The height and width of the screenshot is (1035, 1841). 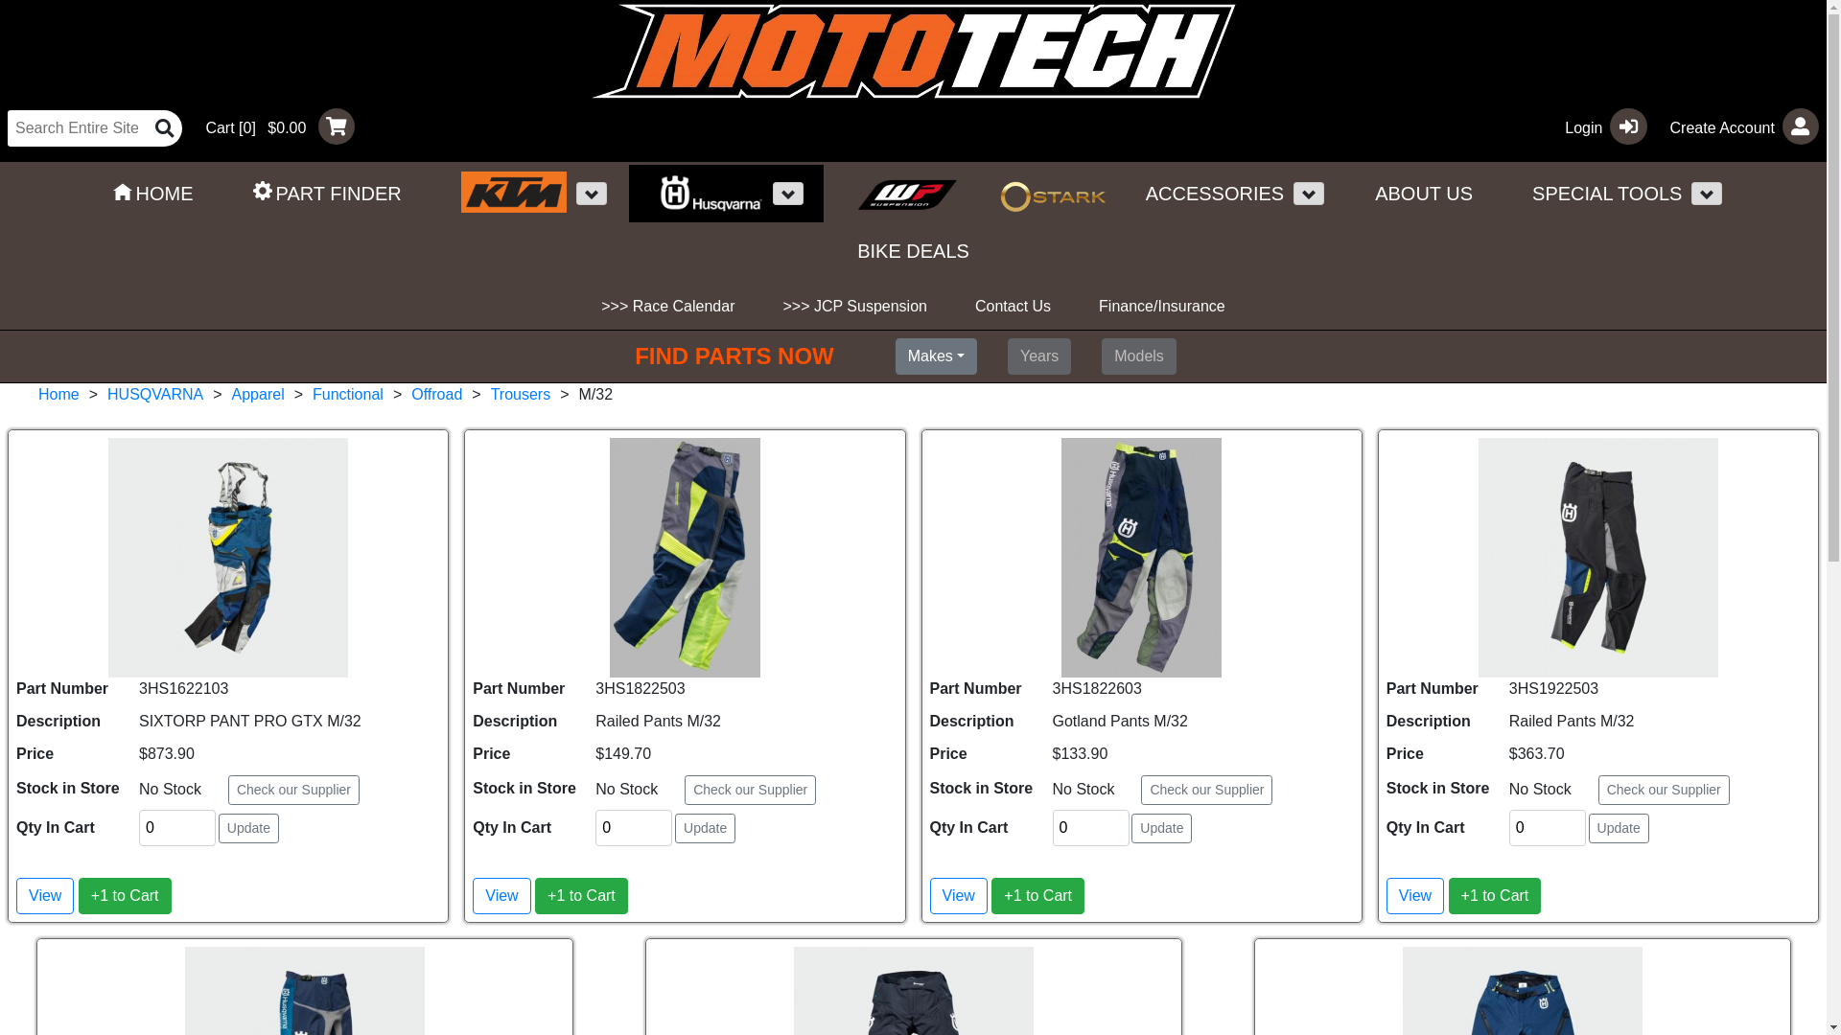 I want to click on 'Makes', so click(x=936, y=356).